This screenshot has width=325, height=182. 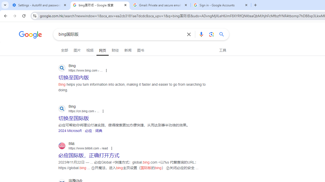 I want to click on 'Search tabs', so click(x=5, y=5).